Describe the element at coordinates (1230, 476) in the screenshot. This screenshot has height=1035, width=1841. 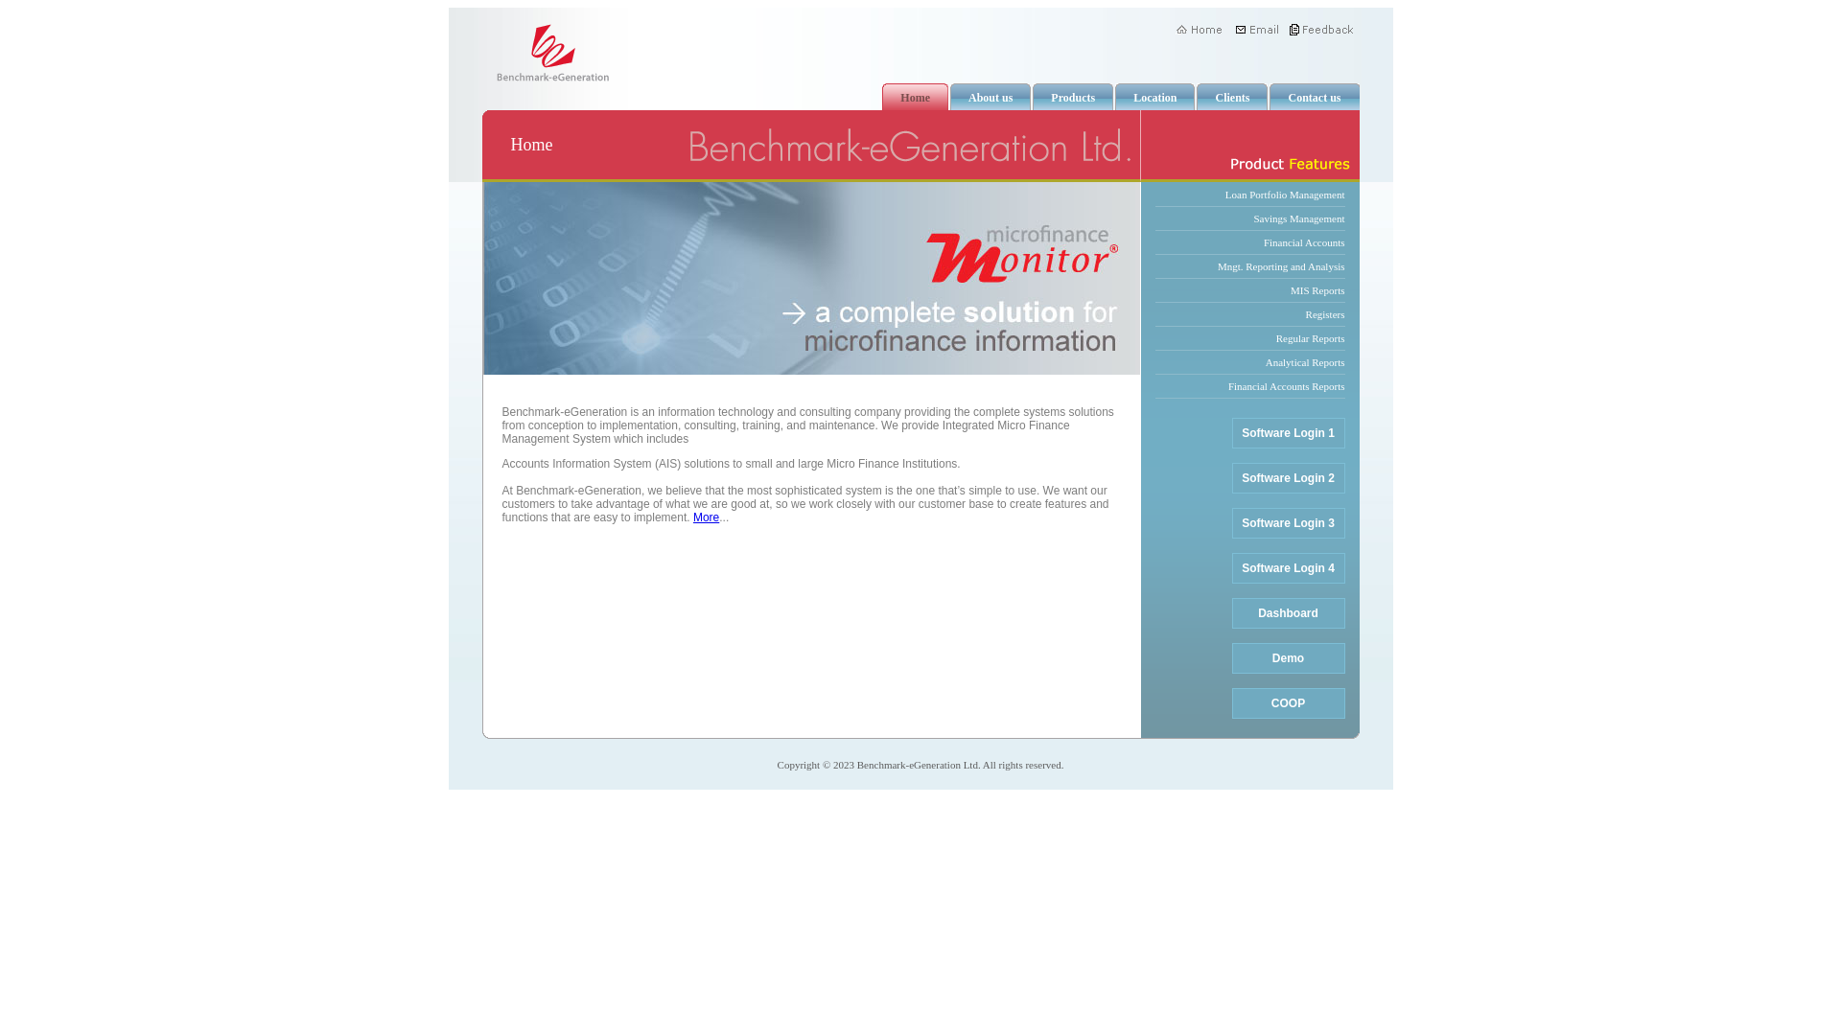
I see `'Software Login 2'` at that location.